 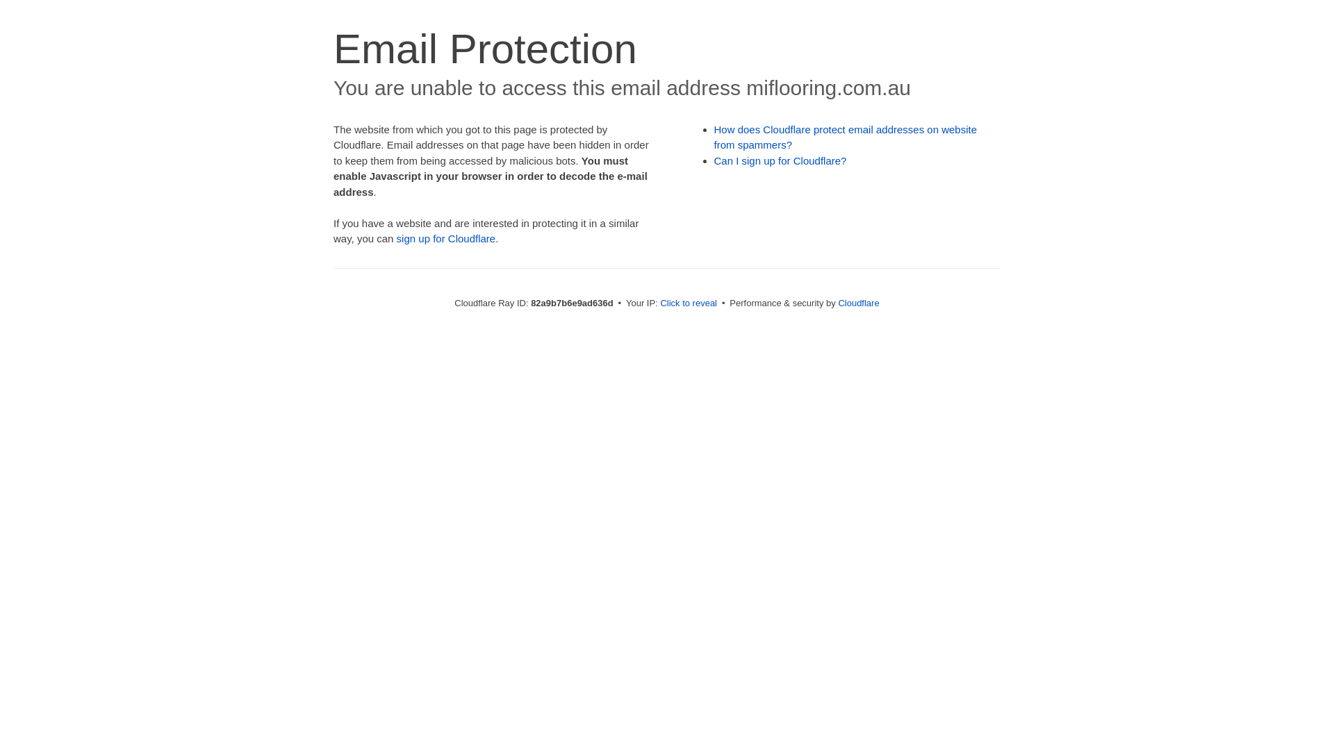 What do you see at coordinates (446, 237) in the screenshot?
I see `'sign up for Cloudflare'` at bounding box center [446, 237].